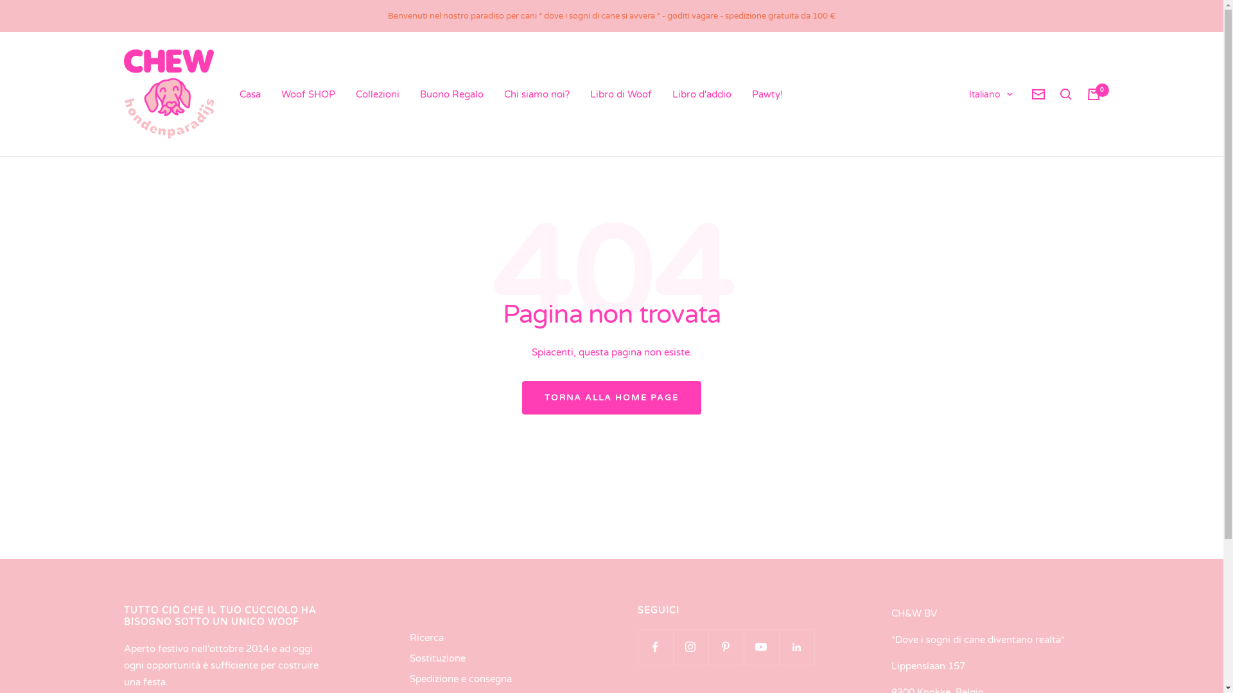 The height and width of the screenshot is (693, 1233). What do you see at coordinates (168, 93) in the screenshot?
I see `'CHEW - Hondenparadijs'` at bounding box center [168, 93].